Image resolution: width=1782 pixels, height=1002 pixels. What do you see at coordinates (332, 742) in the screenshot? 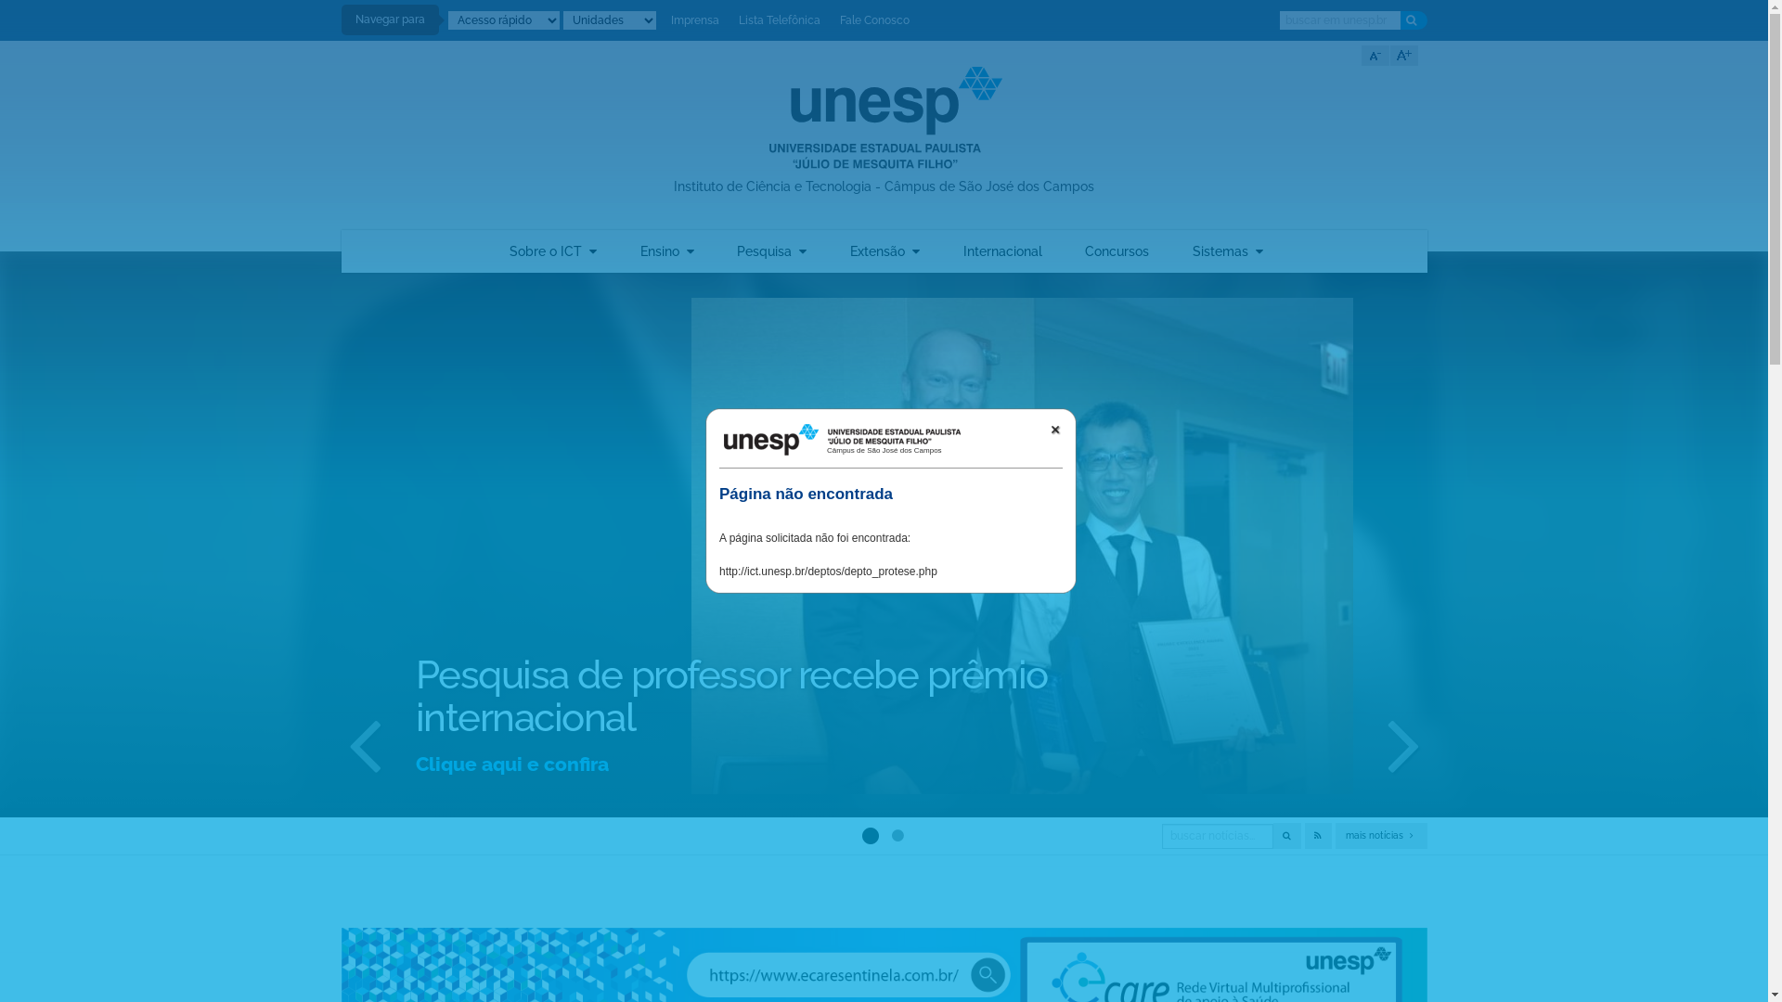
I see `'Previous'` at bounding box center [332, 742].